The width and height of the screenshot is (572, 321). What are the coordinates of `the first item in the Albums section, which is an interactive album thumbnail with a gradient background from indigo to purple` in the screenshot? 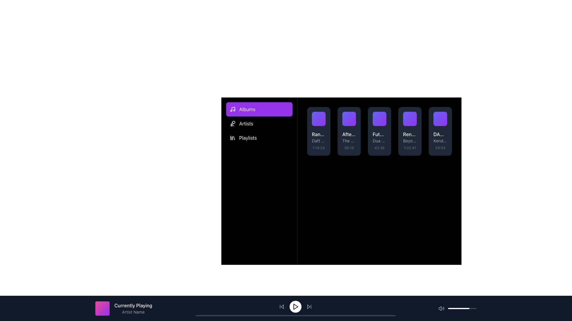 It's located at (318, 119).